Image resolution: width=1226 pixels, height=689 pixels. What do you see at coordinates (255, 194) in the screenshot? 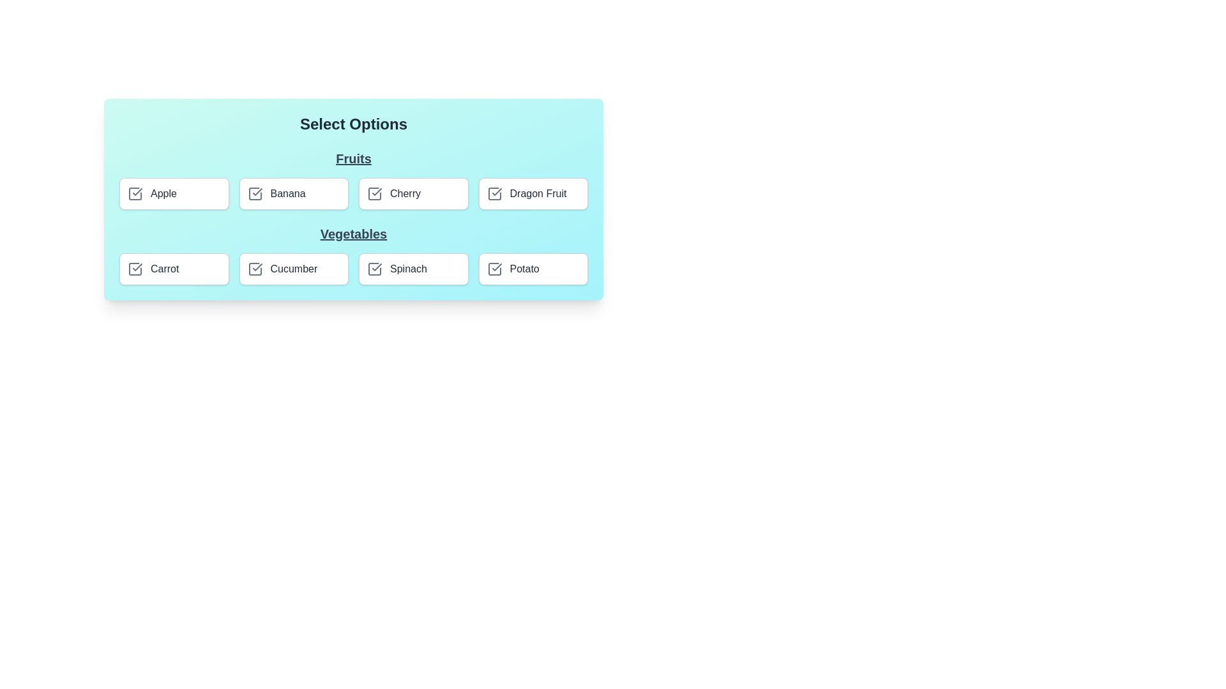
I see `the square-shaped, outlined checkbox icon containing a checkmark, located to the left of the text 'Banana' under the 'Fruits' category` at bounding box center [255, 194].